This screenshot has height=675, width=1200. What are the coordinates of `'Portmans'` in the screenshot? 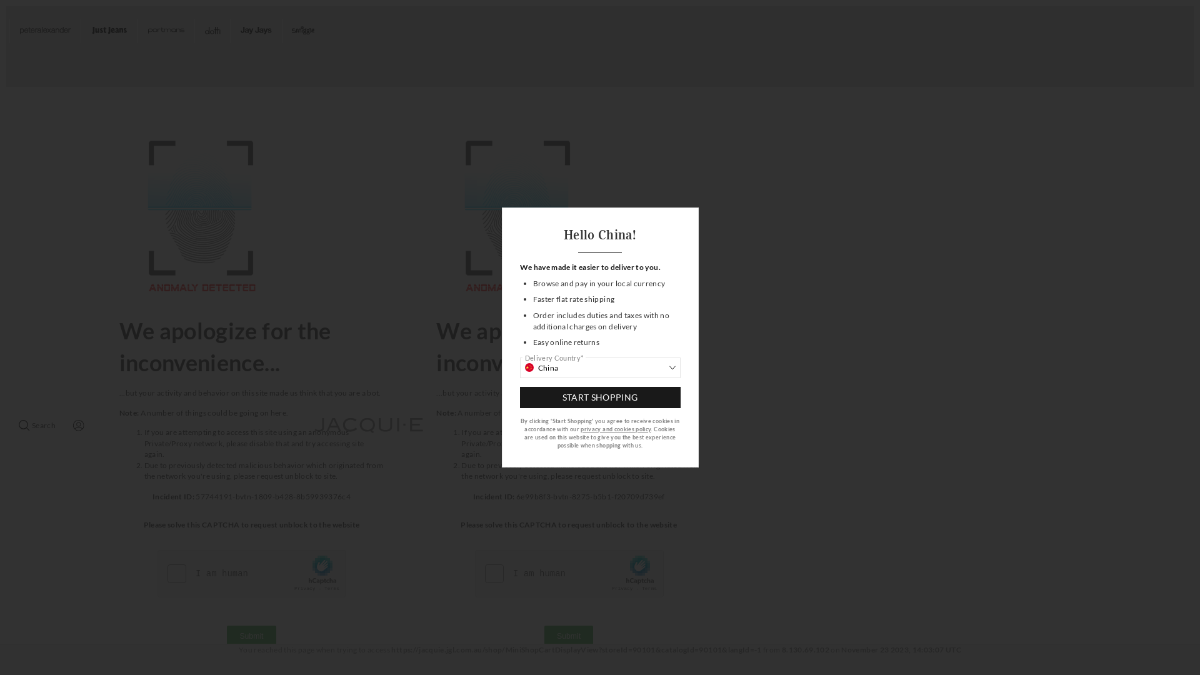 It's located at (137, 30).